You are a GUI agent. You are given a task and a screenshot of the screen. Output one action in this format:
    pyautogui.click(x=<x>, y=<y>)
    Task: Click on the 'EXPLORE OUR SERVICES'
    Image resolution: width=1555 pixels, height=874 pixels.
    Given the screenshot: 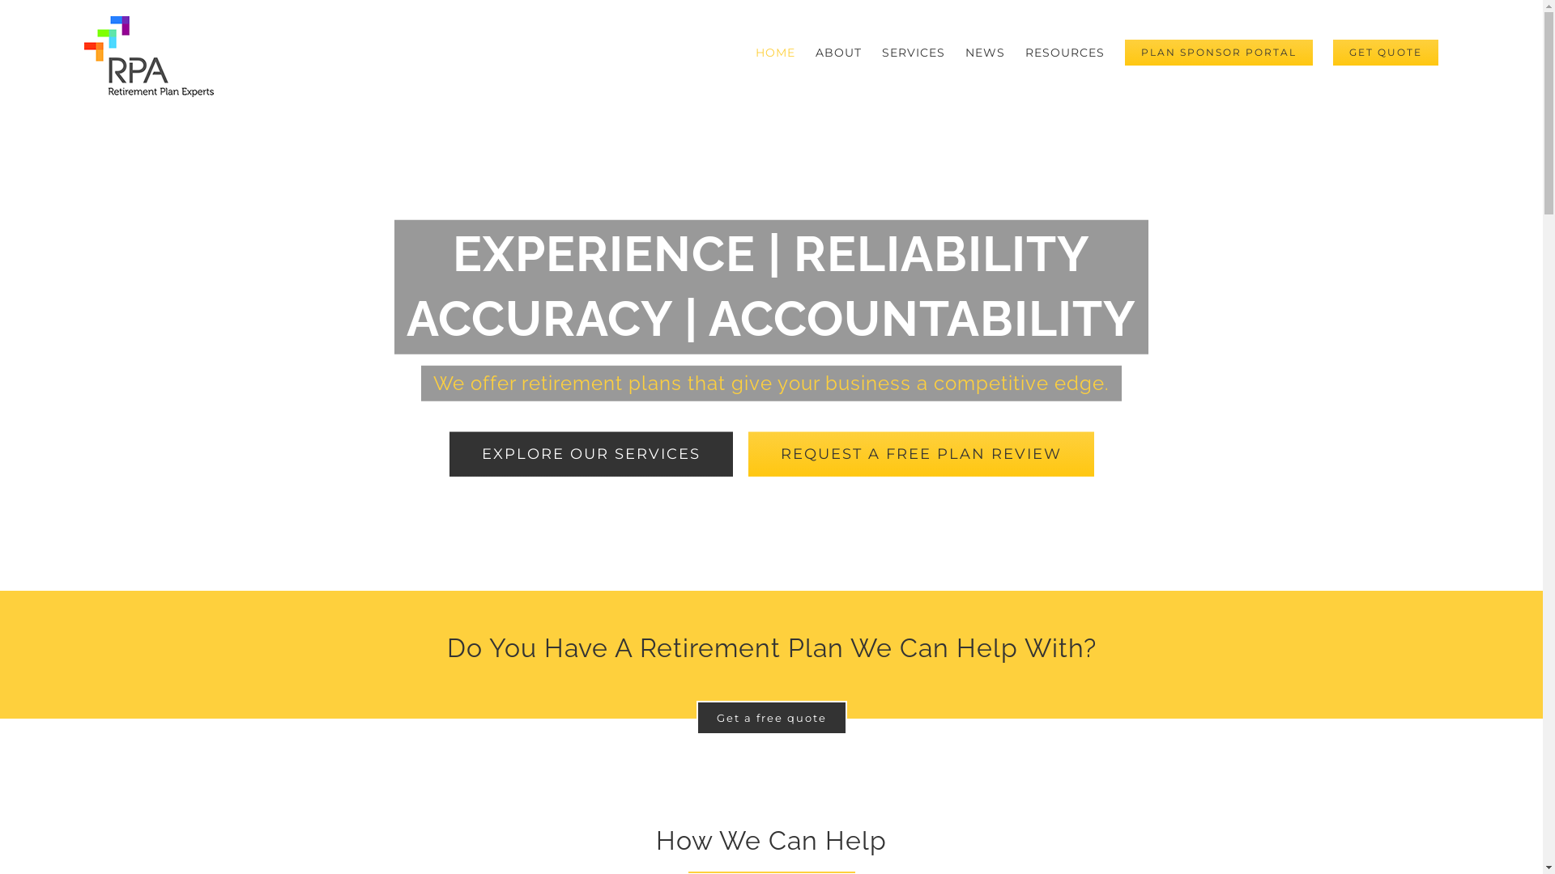 What is the action you would take?
    pyautogui.click(x=590, y=453)
    